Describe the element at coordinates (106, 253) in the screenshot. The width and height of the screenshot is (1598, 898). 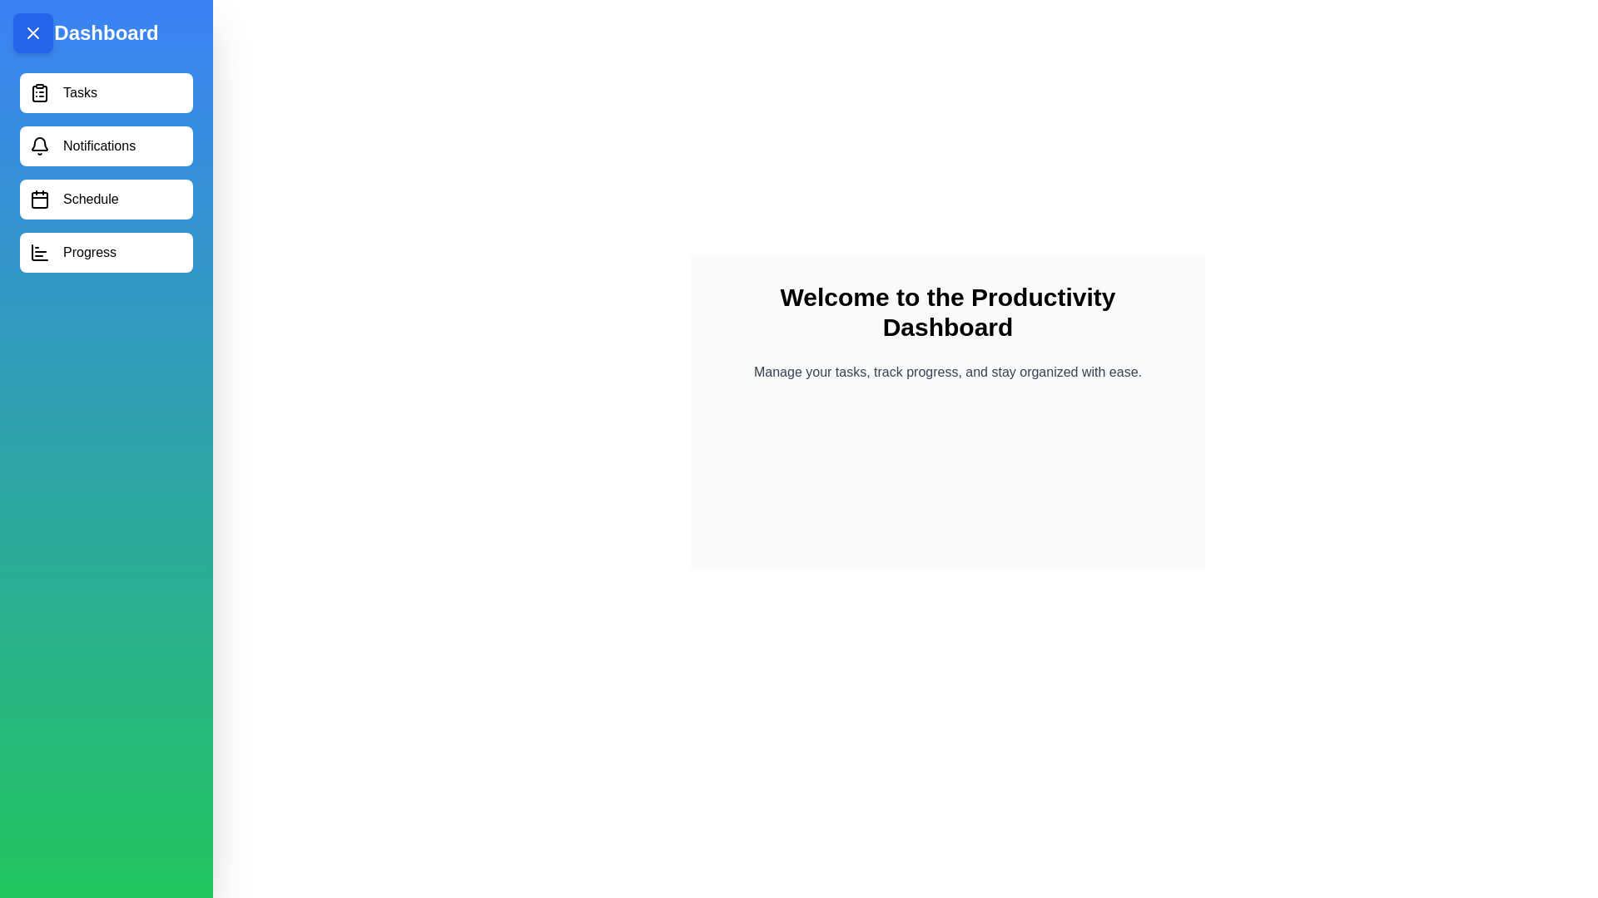
I see `the menu item Progress from the drawer` at that location.